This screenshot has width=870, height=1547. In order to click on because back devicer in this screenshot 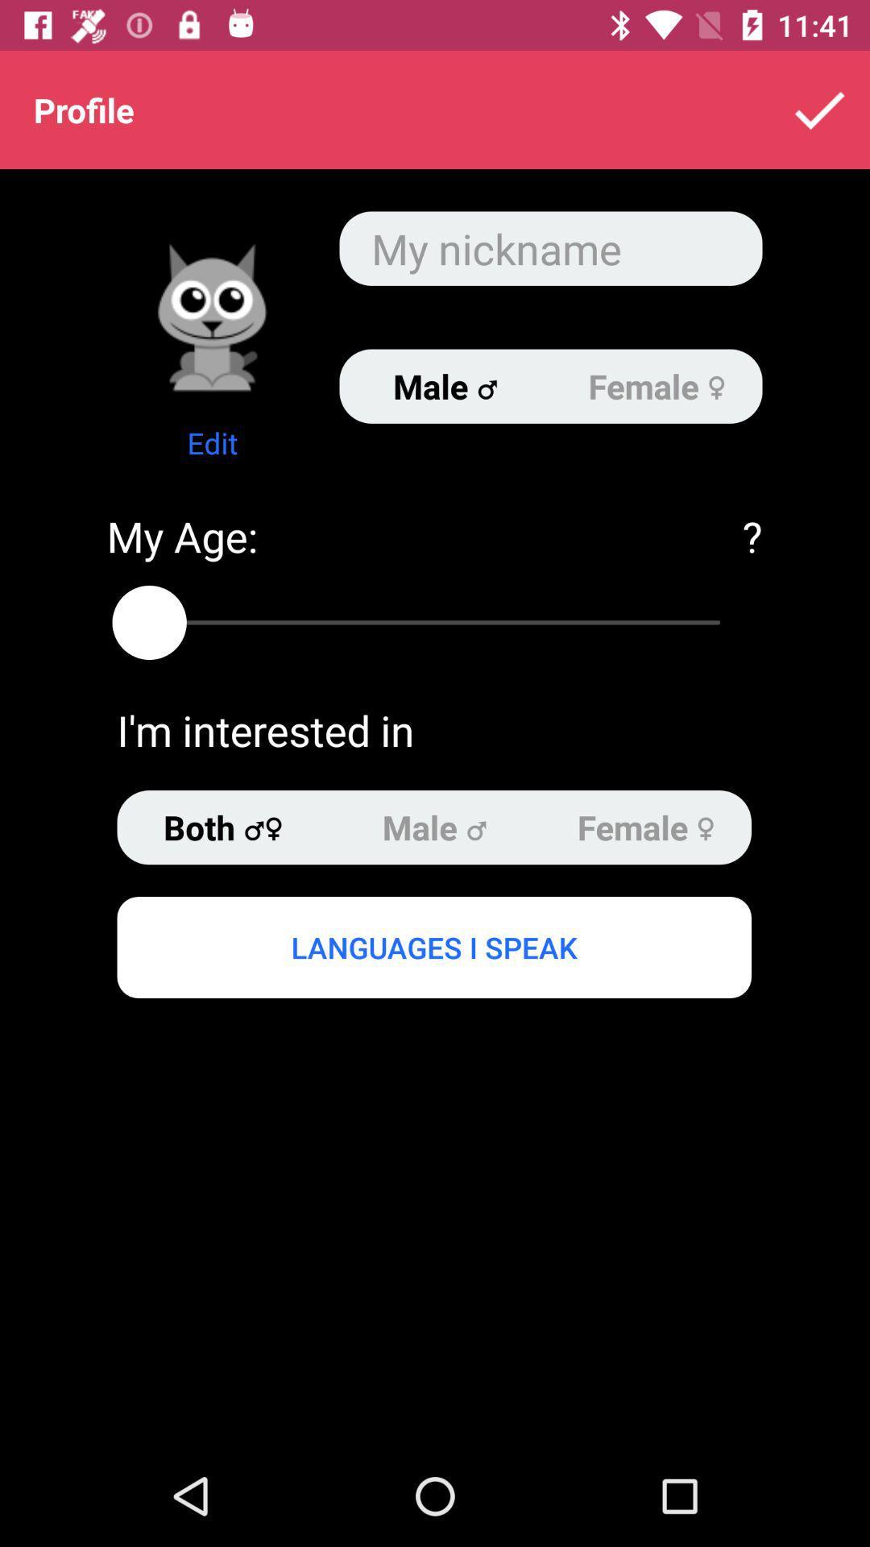, I will do `click(211, 317)`.